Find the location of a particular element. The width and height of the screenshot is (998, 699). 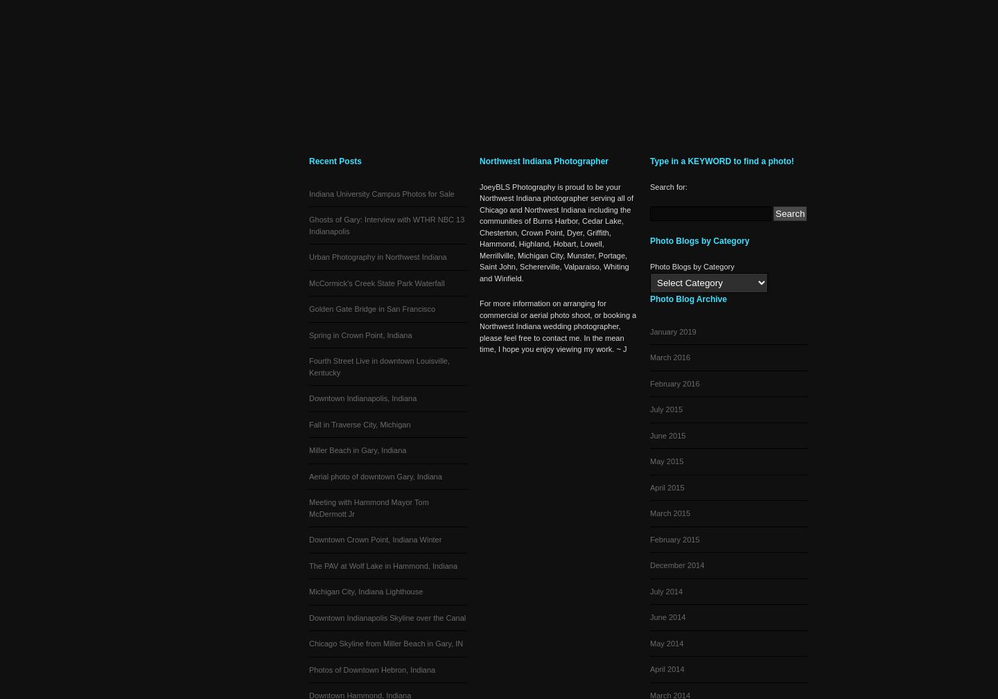

'Type in a KEYWORD to find a photo!' is located at coordinates (721, 159).